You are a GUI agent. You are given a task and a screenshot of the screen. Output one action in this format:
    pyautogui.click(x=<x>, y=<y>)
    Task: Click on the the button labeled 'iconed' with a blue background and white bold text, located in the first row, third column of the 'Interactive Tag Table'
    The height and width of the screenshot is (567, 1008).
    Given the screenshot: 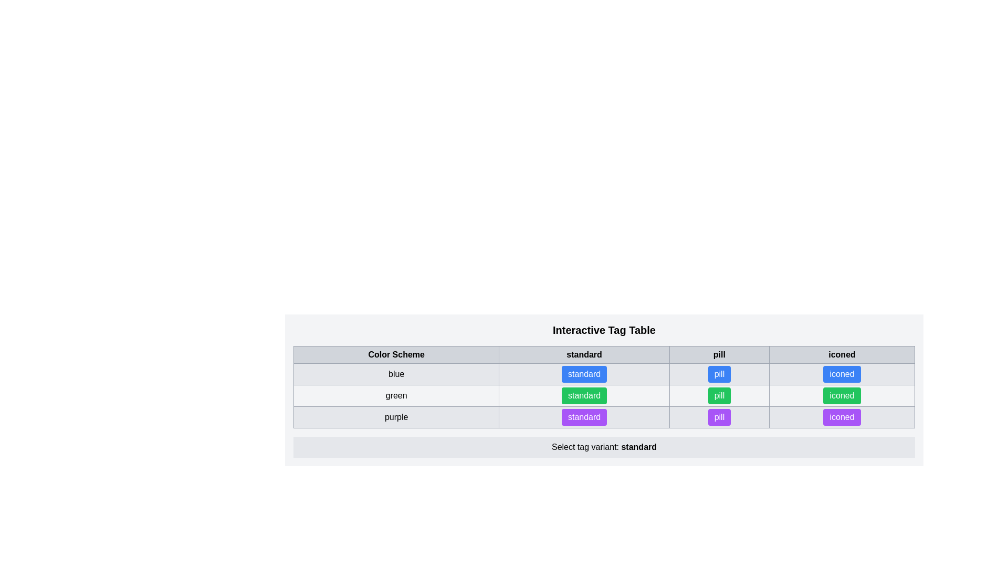 What is the action you would take?
    pyautogui.click(x=842, y=374)
    